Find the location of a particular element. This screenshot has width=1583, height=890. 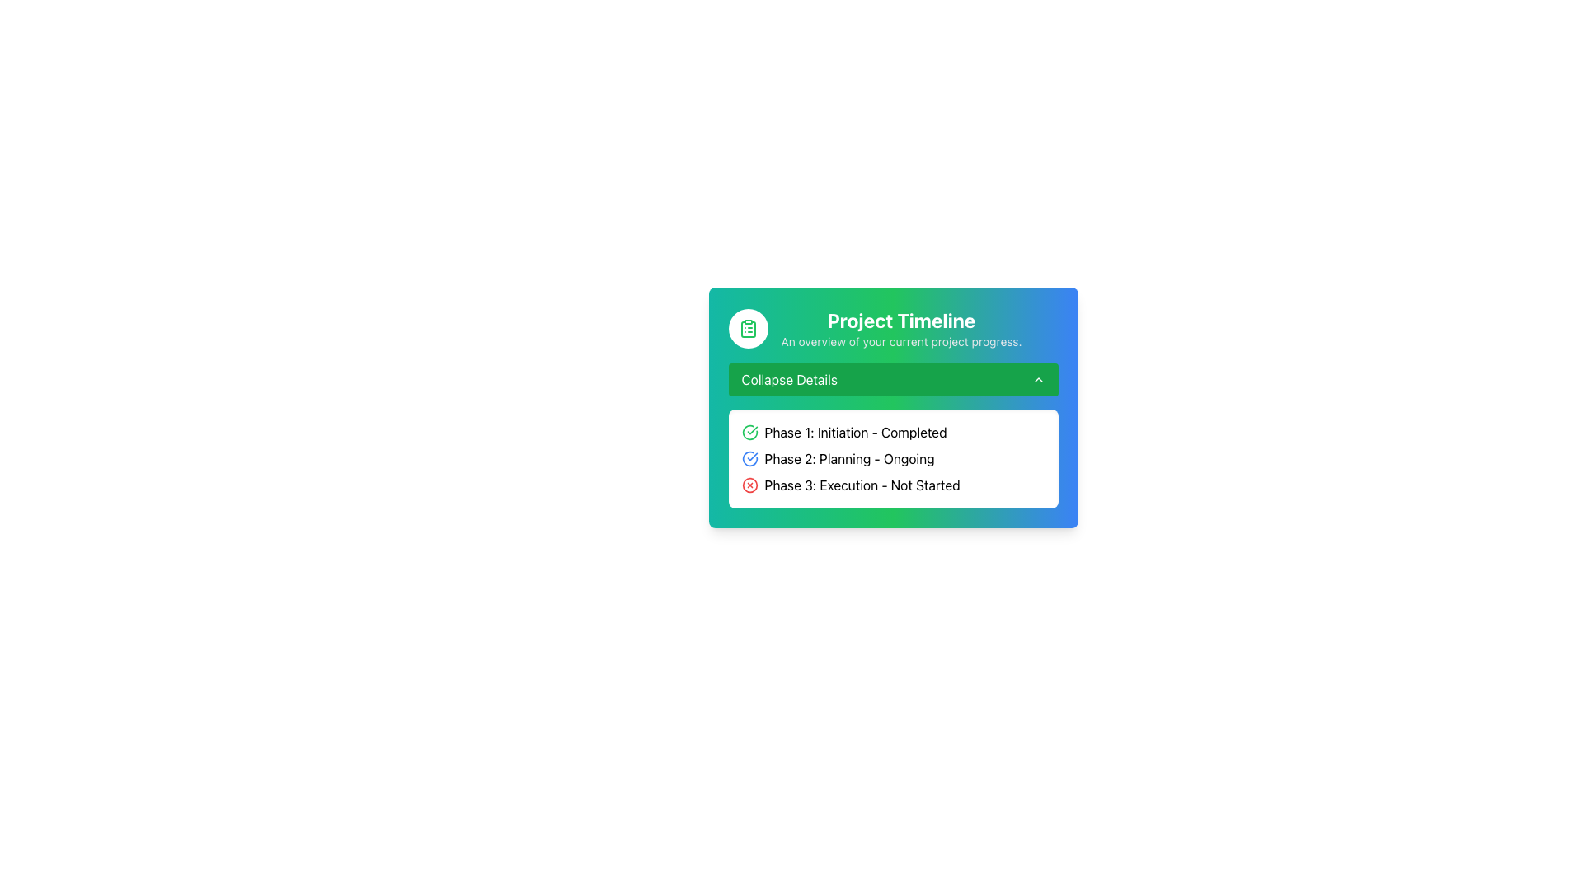

the status indicator icon that represents 'not started', located to the left of the text 'Phase 3: Execution - Not Started' is located at coordinates (749, 485).